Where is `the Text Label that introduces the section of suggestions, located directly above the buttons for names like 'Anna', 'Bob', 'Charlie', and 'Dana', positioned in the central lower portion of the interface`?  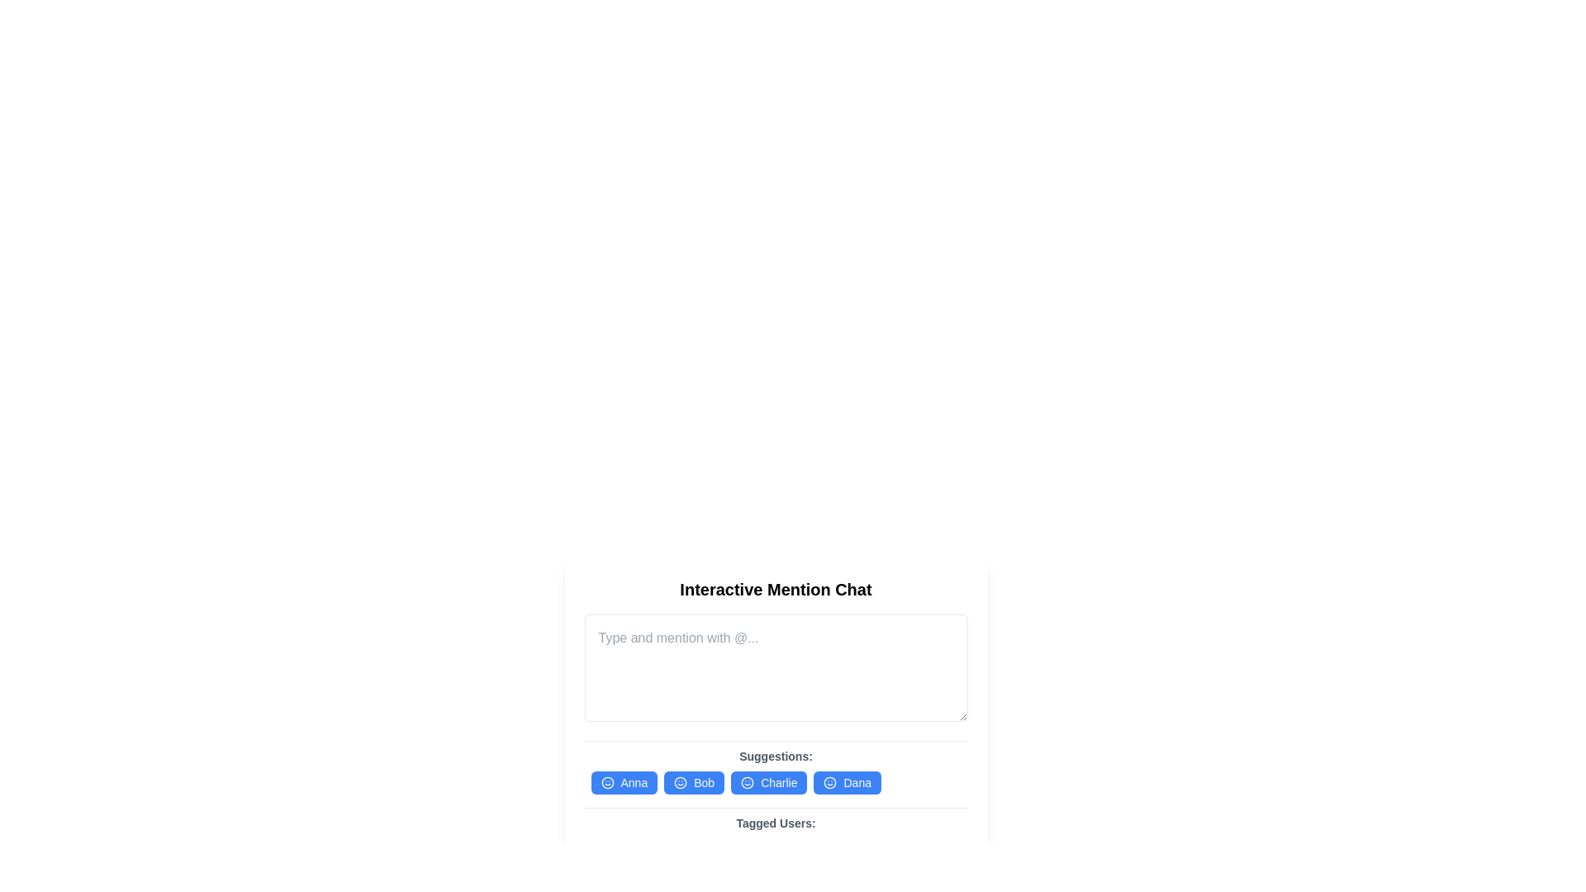
the Text Label that introduces the section of suggestions, located directly above the buttons for names like 'Anna', 'Bob', 'Charlie', and 'Dana', positioned in the central lower portion of the interface is located at coordinates (775, 756).